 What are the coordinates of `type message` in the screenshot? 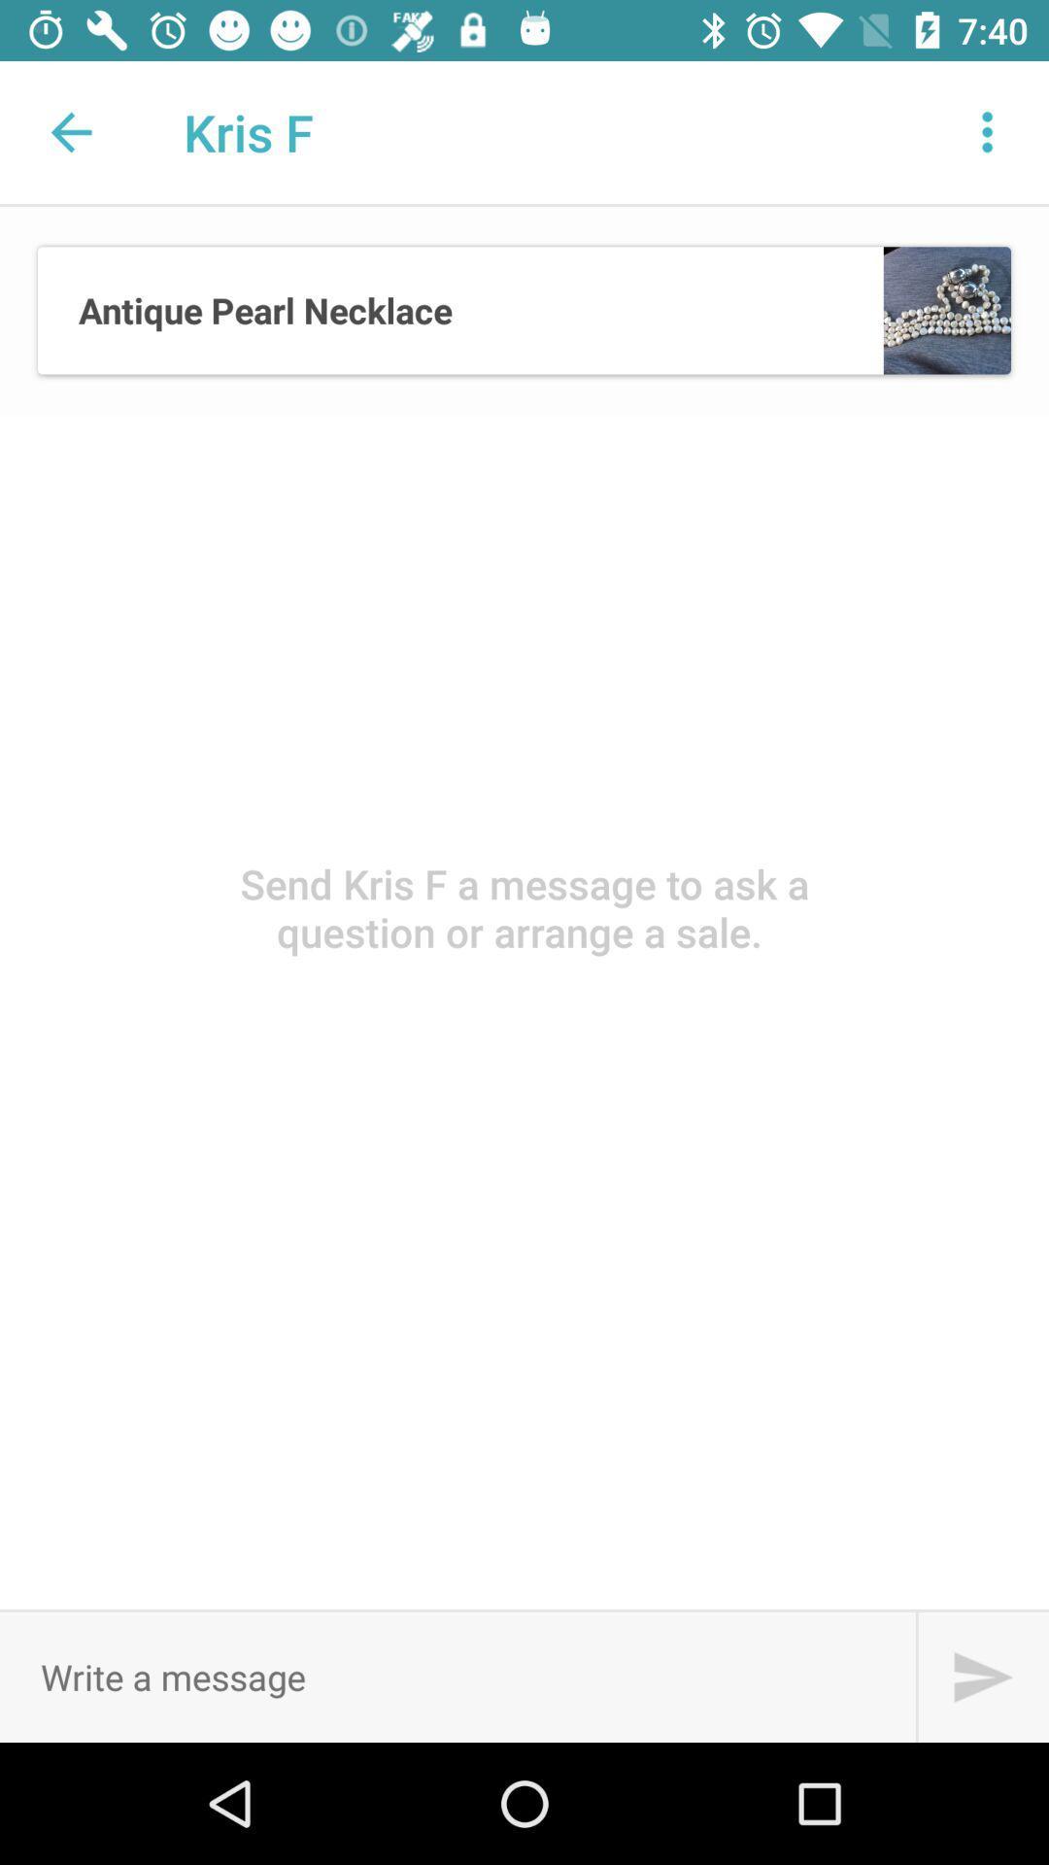 It's located at (457, 1676).